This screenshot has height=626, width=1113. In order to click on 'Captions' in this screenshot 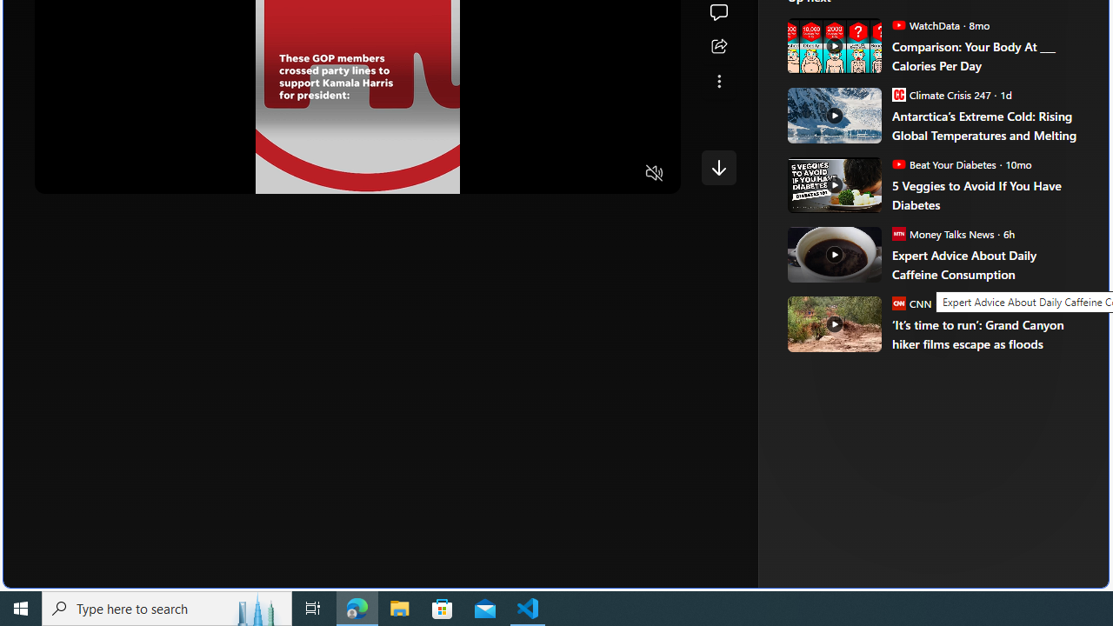, I will do `click(587, 174)`.